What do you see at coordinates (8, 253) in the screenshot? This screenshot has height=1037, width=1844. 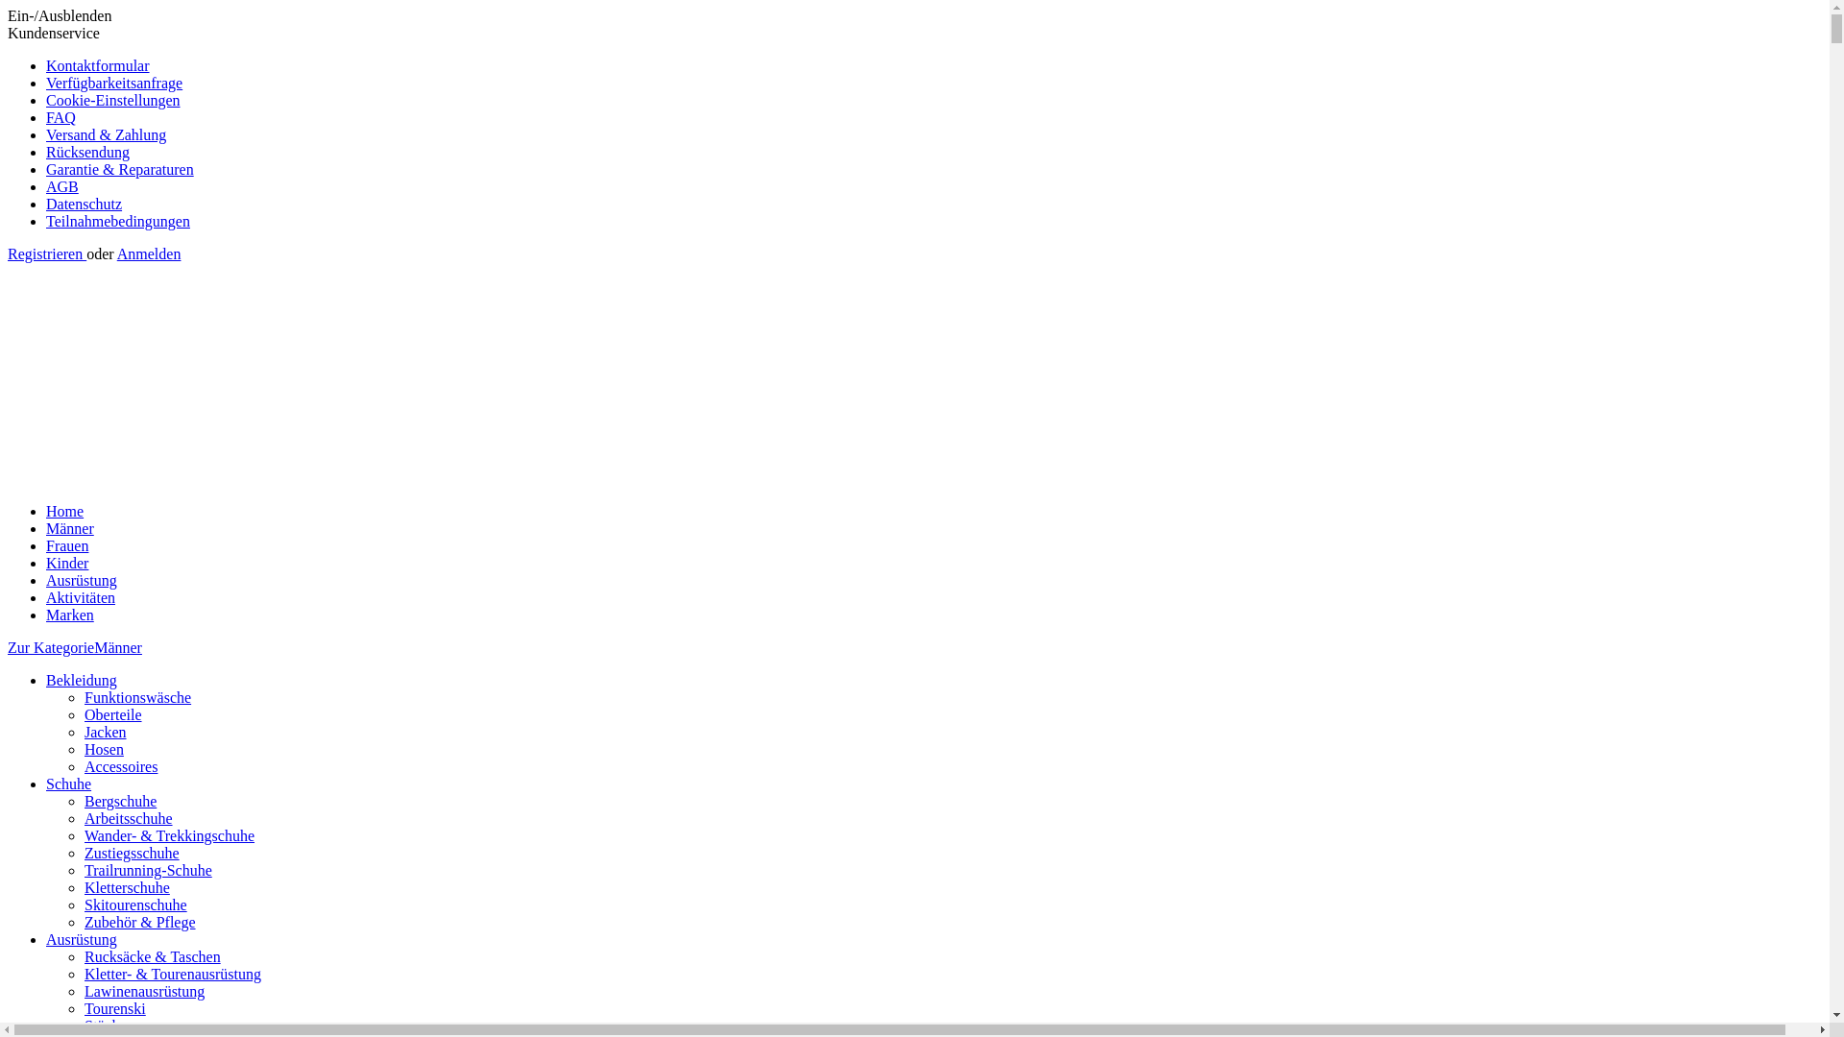 I see `'Registrieren'` at bounding box center [8, 253].